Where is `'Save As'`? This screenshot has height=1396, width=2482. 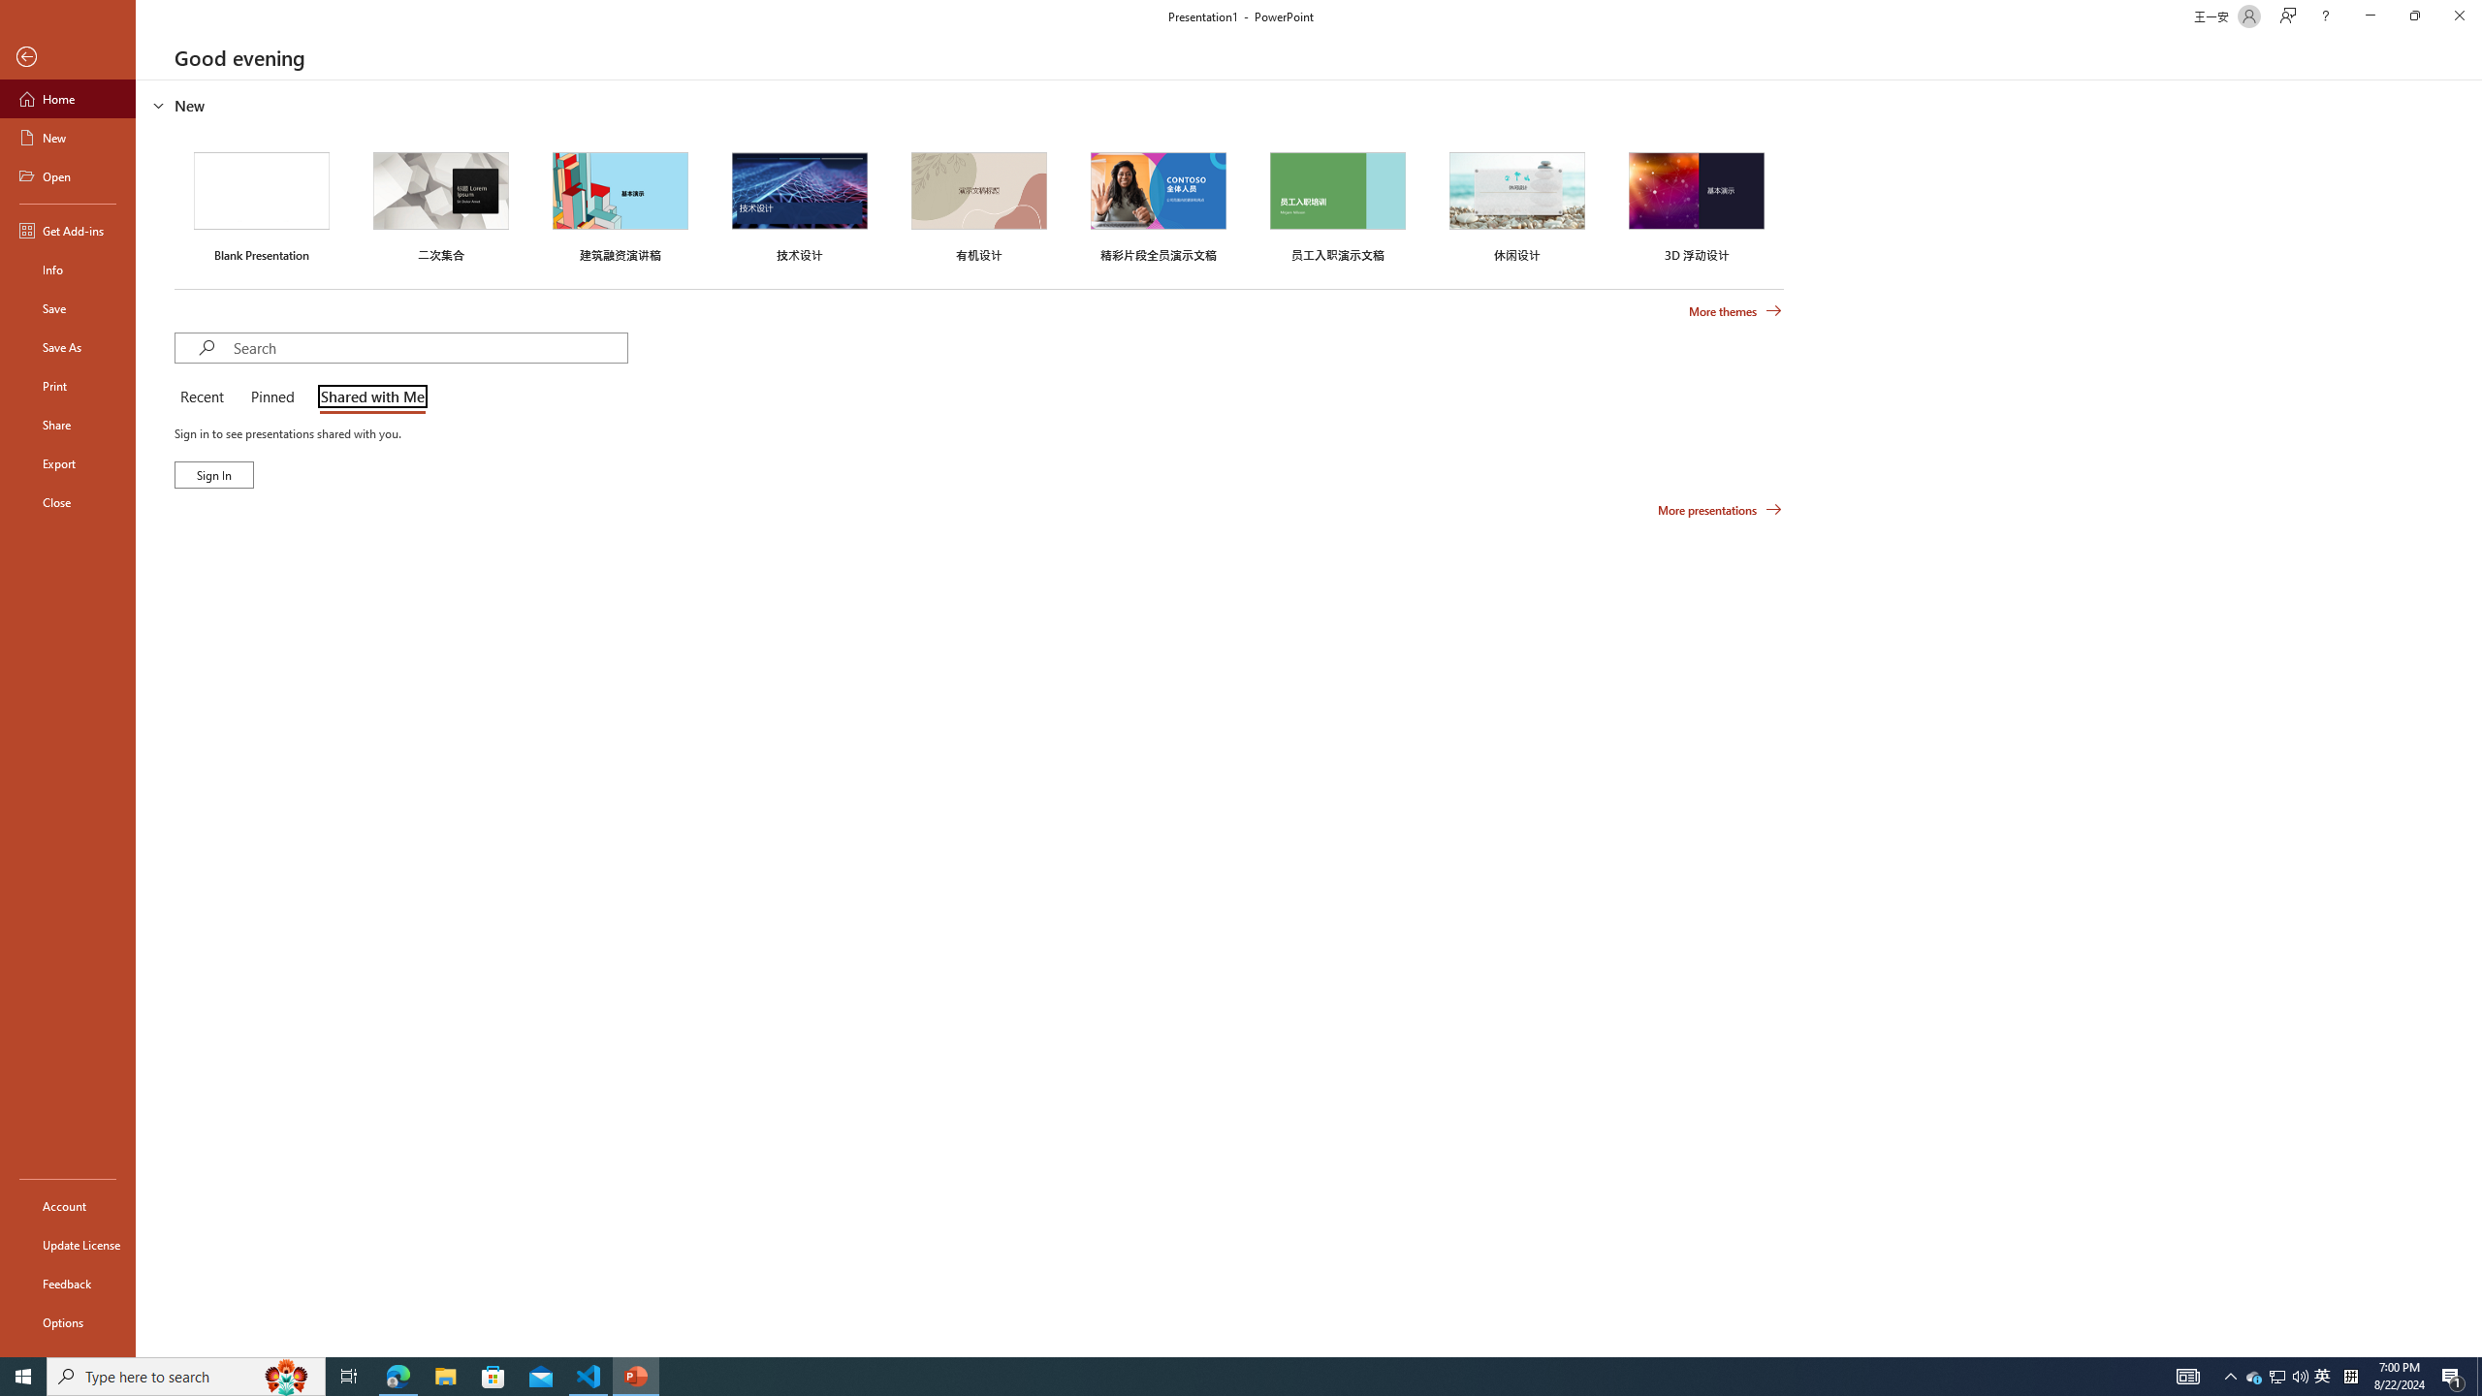
'Save As' is located at coordinates (67, 345).